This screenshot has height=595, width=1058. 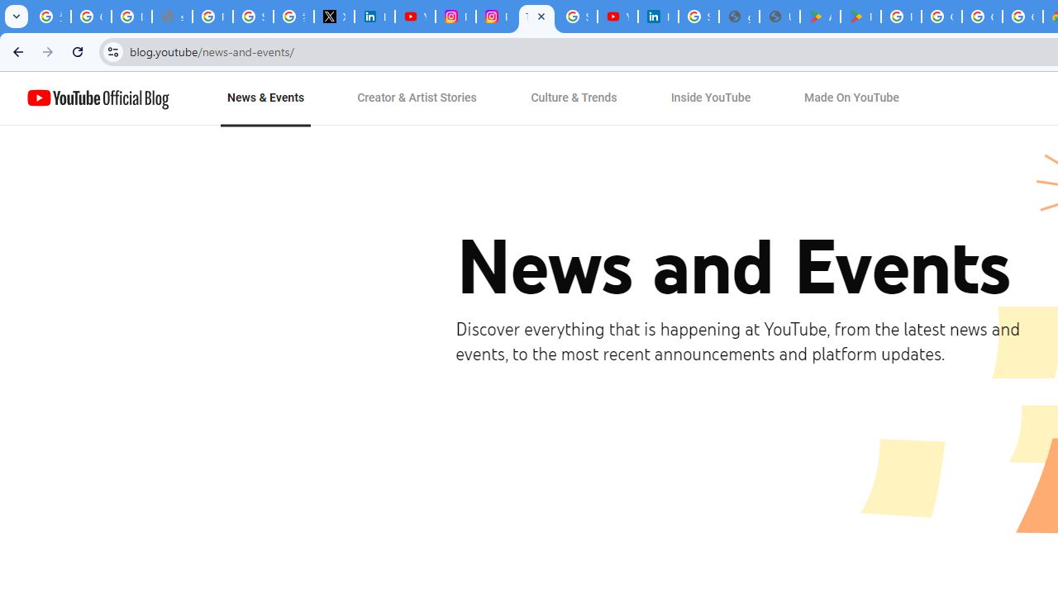 What do you see at coordinates (698, 17) in the screenshot?
I see `'Sign in - Google Accounts'` at bounding box center [698, 17].